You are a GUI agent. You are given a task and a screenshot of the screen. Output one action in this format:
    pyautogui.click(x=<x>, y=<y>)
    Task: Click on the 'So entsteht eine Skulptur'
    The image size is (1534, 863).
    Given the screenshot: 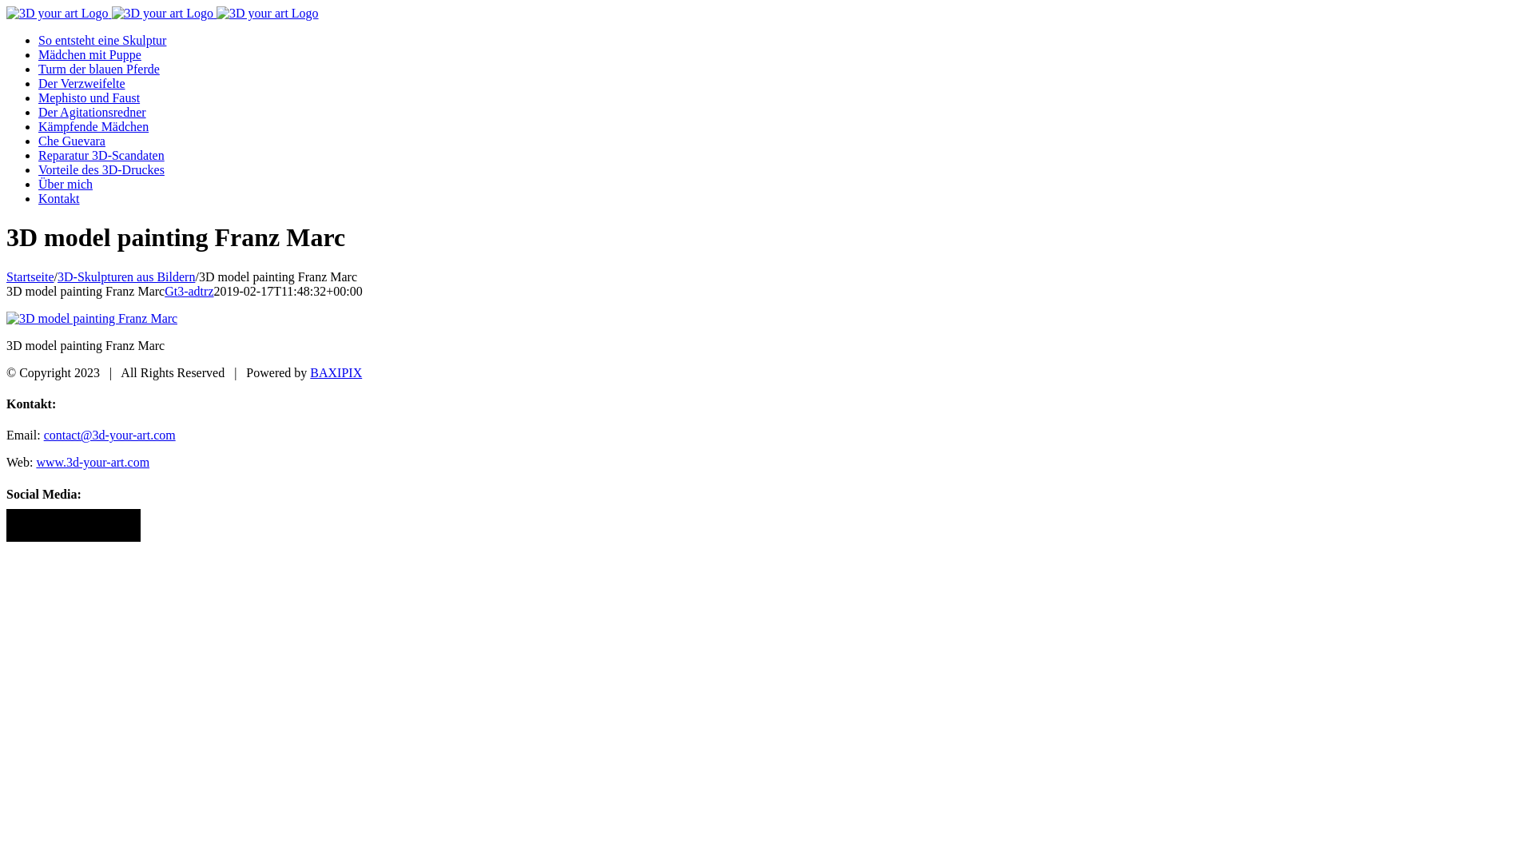 What is the action you would take?
    pyautogui.click(x=101, y=39)
    